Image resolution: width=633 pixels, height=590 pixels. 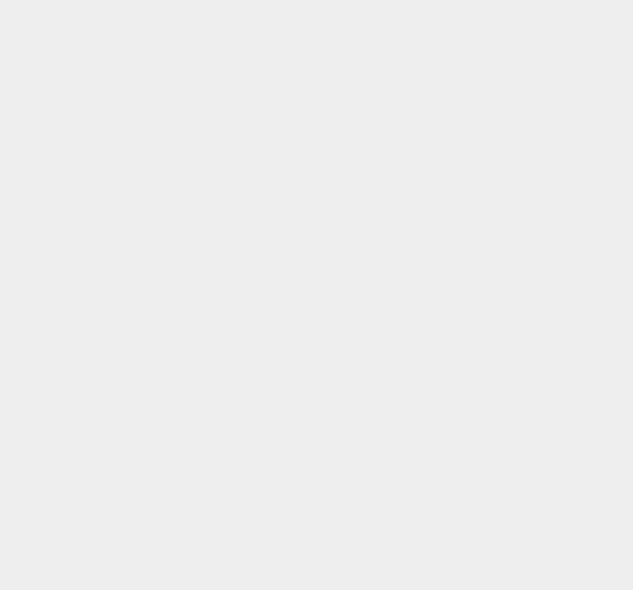 I want to click on 'Social Networking', so click(x=447, y=334).